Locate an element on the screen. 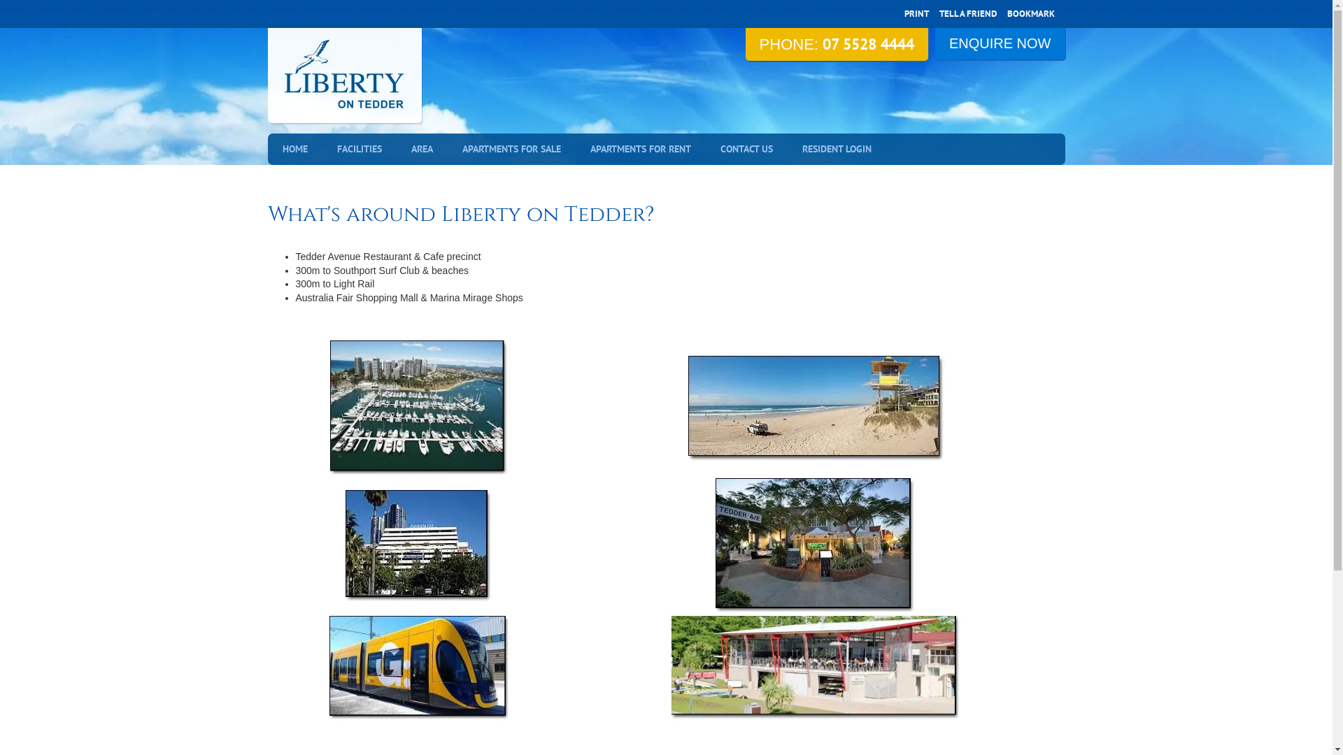  'APARTMENTS FOR RENT' is located at coordinates (639, 149).